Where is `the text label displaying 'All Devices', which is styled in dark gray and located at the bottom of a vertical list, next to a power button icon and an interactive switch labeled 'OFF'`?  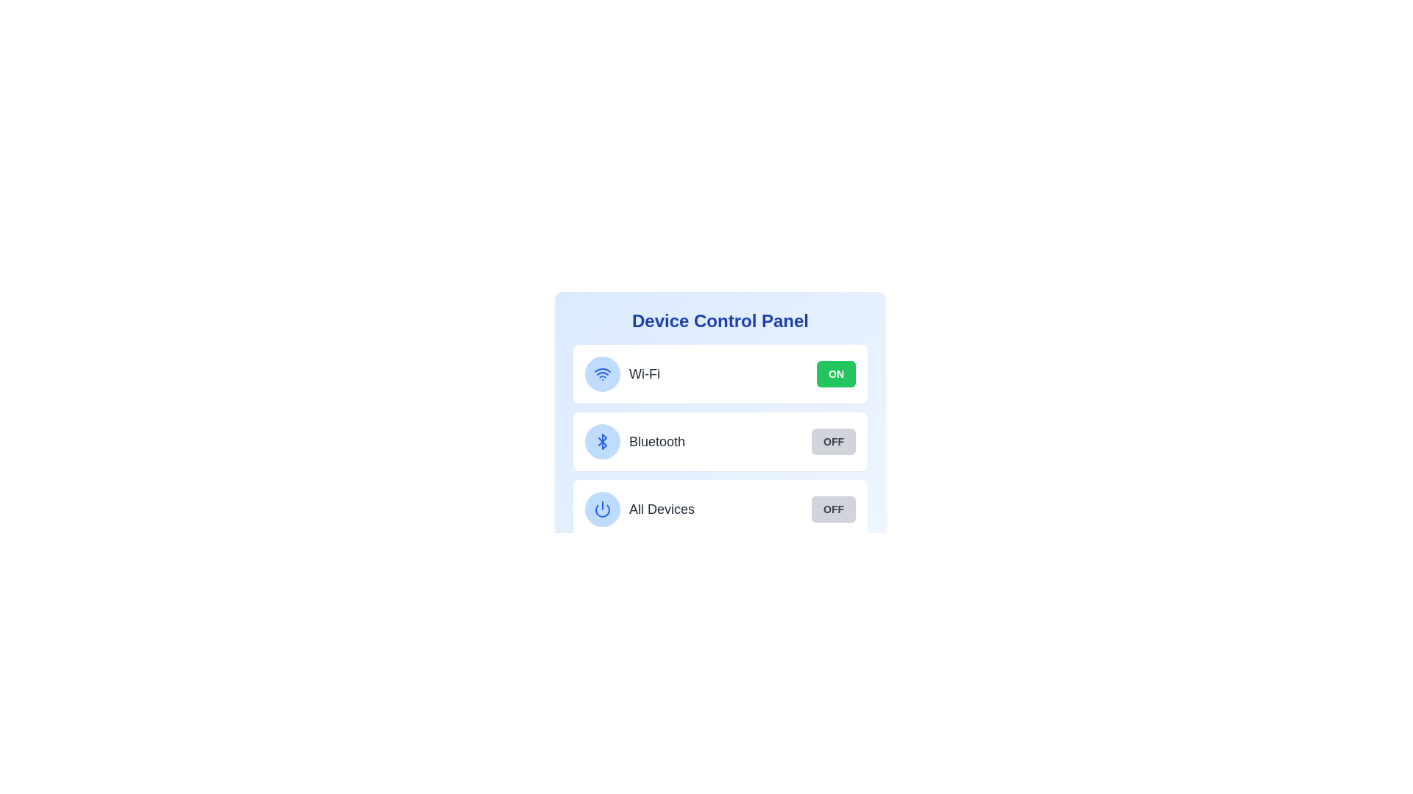 the text label displaying 'All Devices', which is styled in dark gray and located at the bottom of a vertical list, next to a power button icon and an interactive switch labeled 'OFF' is located at coordinates (661, 509).